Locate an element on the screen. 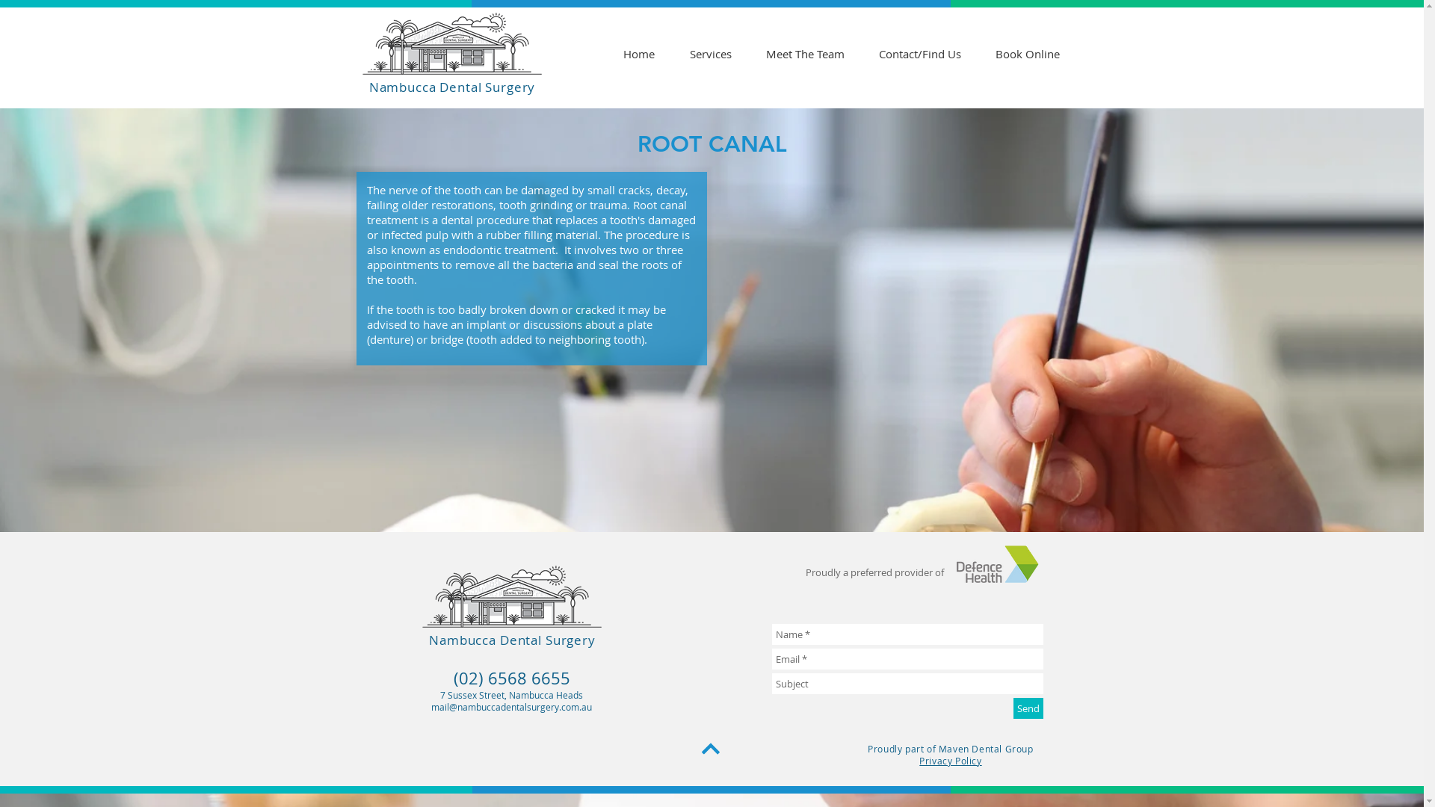 Image resolution: width=1435 pixels, height=807 pixels. 'Send' is located at coordinates (1028, 708).